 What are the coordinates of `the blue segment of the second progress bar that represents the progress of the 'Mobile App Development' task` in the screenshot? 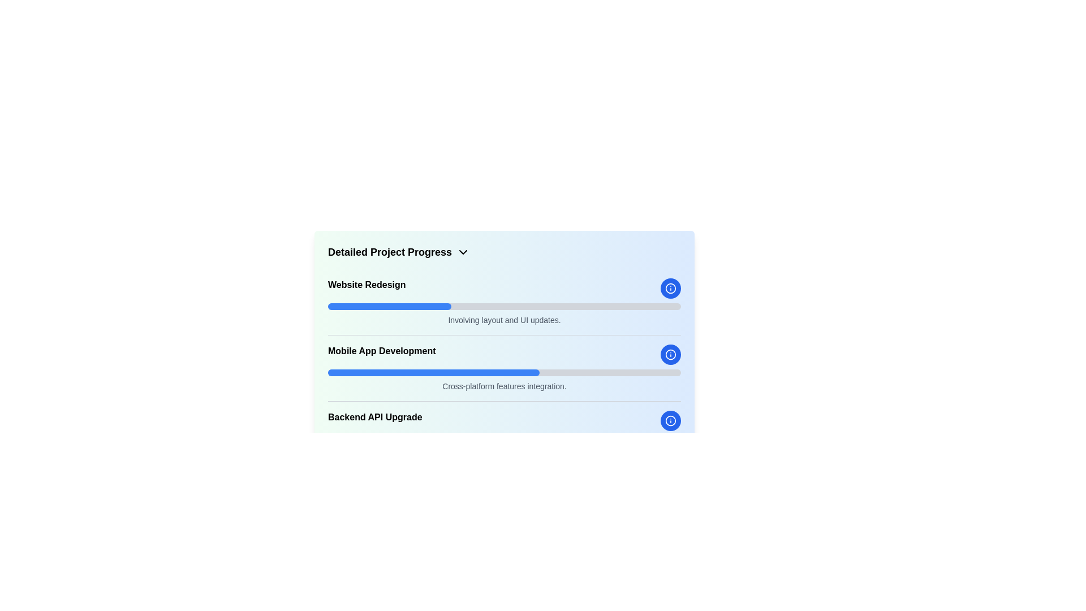 It's located at (433, 373).